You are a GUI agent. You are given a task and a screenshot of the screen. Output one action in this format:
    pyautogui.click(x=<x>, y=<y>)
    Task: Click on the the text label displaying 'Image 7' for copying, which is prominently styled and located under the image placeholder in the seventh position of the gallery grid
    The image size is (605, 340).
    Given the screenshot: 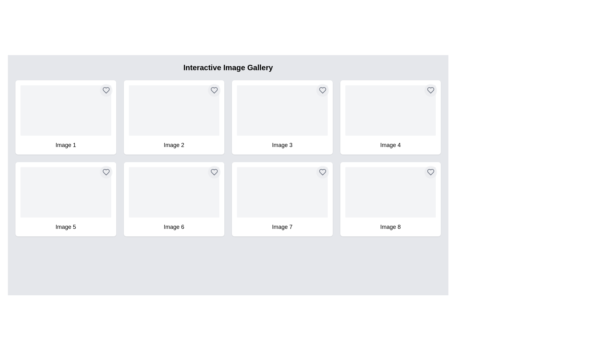 What is the action you would take?
    pyautogui.click(x=282, y=227)
    